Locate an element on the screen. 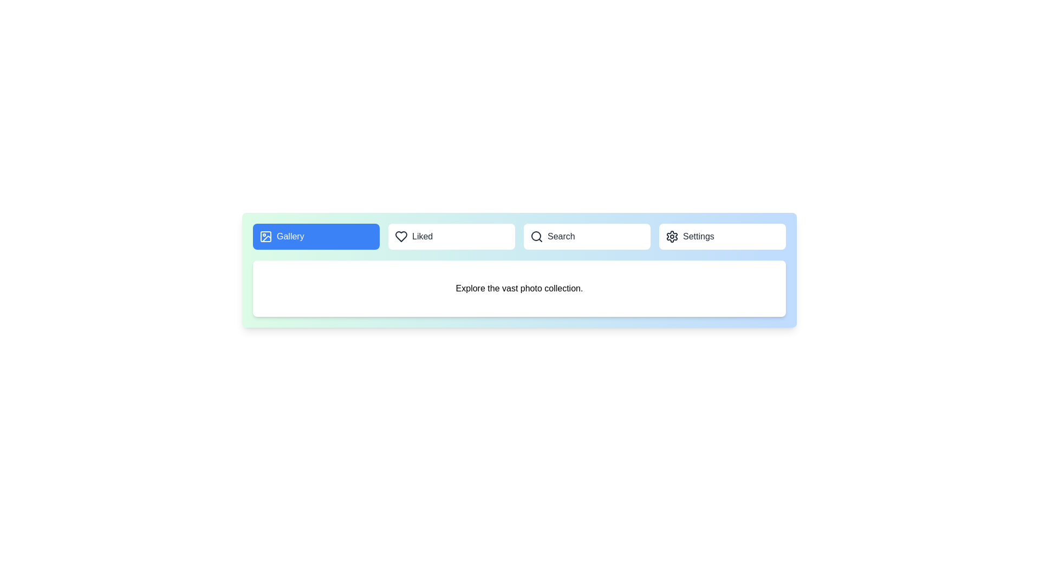 The height and width of the screenshot is (585, 1040). the Search tab by clicking on its respective button is located at coordinates (587, 236).